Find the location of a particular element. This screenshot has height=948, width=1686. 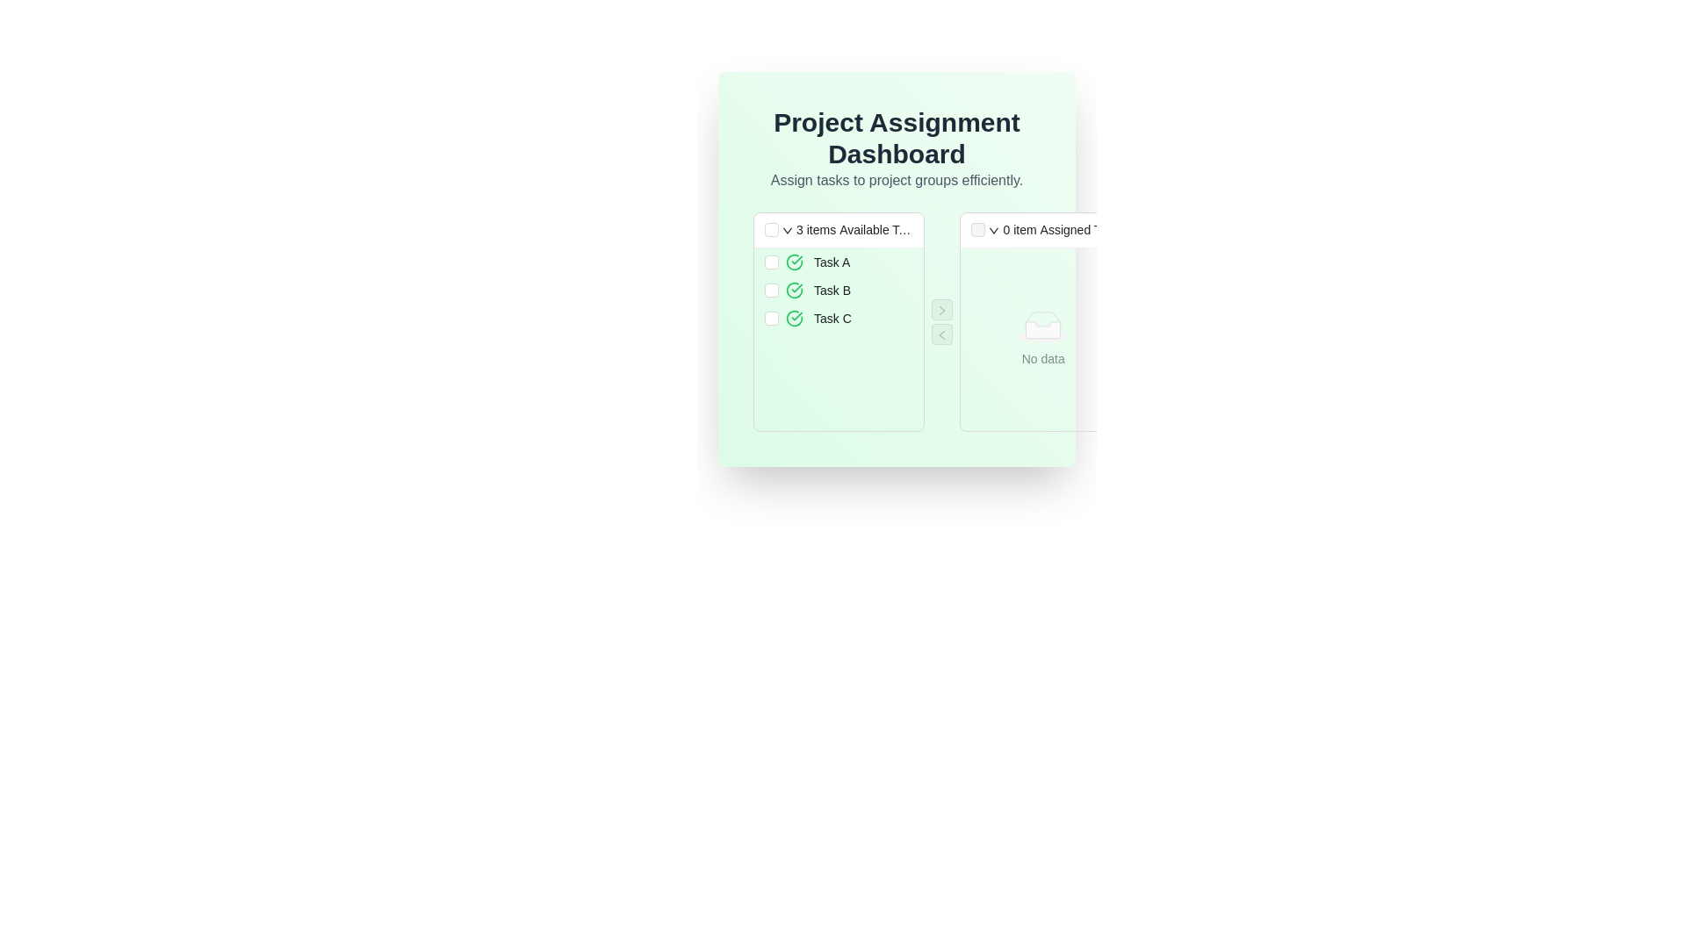

the descriptive title text label located in the left column of the task management panel is located at coordinates (876, 229).